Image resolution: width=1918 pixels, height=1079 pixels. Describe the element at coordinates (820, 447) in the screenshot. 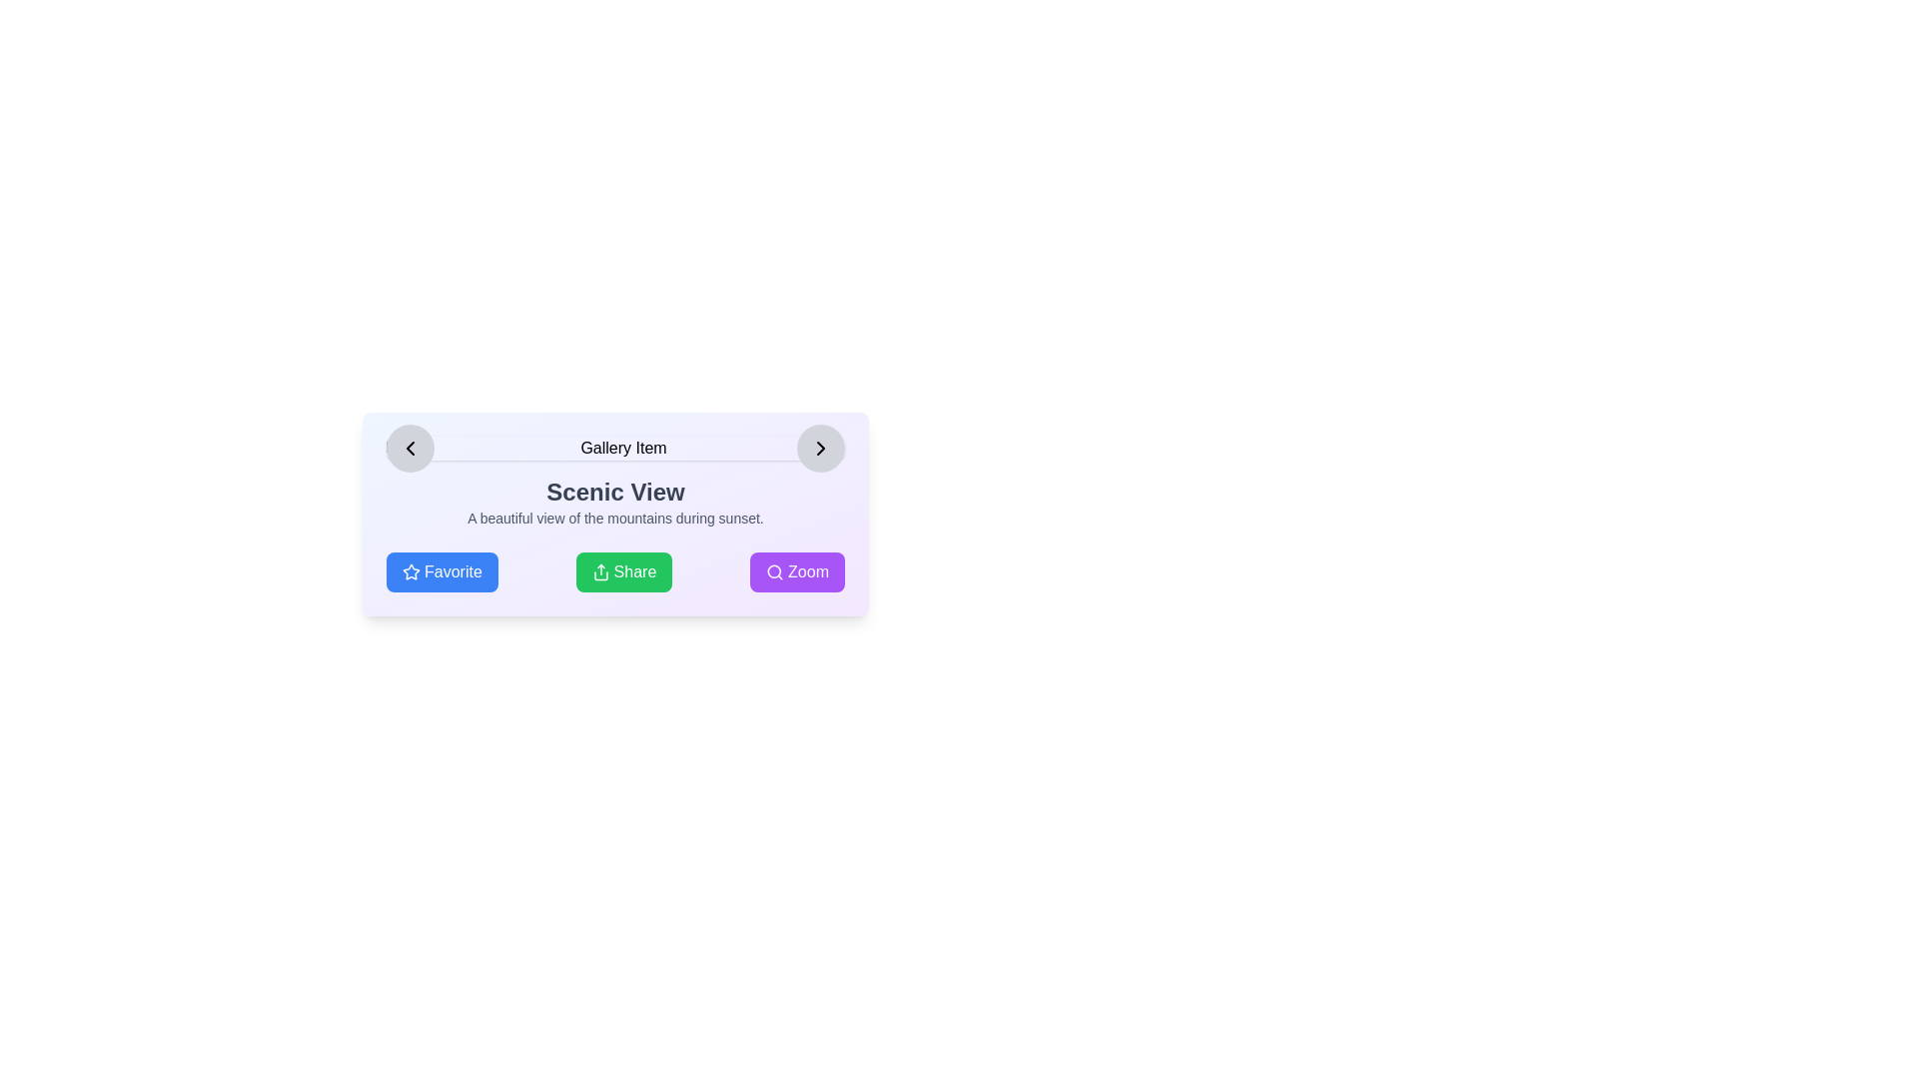

I see `the navigation button located in the top-right corner of the 'Gallery Item' card` at that location.